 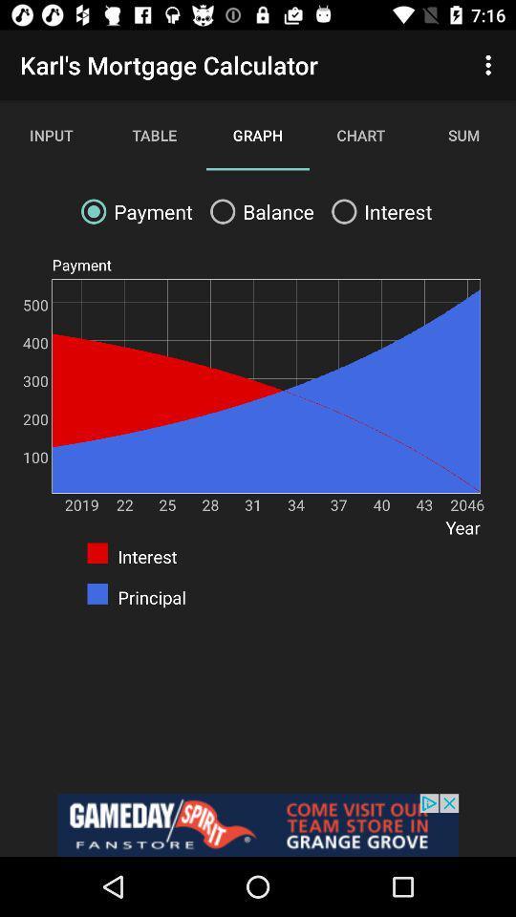 I want to click on advertisement page, so click(x=258, y=824).